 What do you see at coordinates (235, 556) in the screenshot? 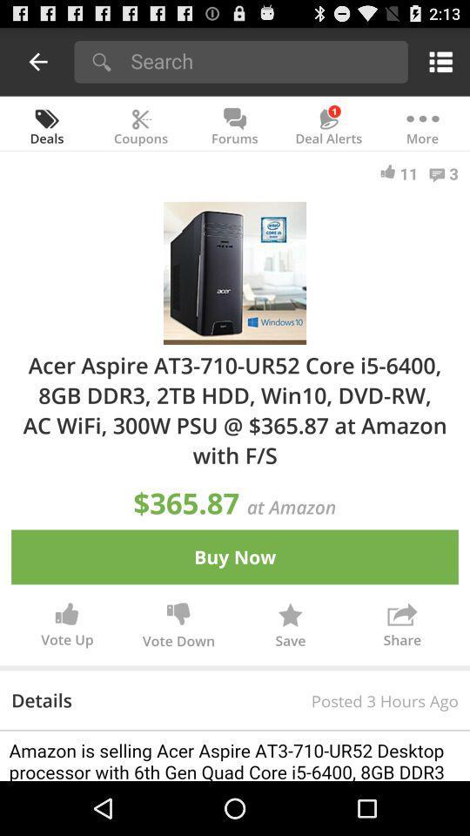
I see `app below $365.87 app` at bounding box center [235, 556].